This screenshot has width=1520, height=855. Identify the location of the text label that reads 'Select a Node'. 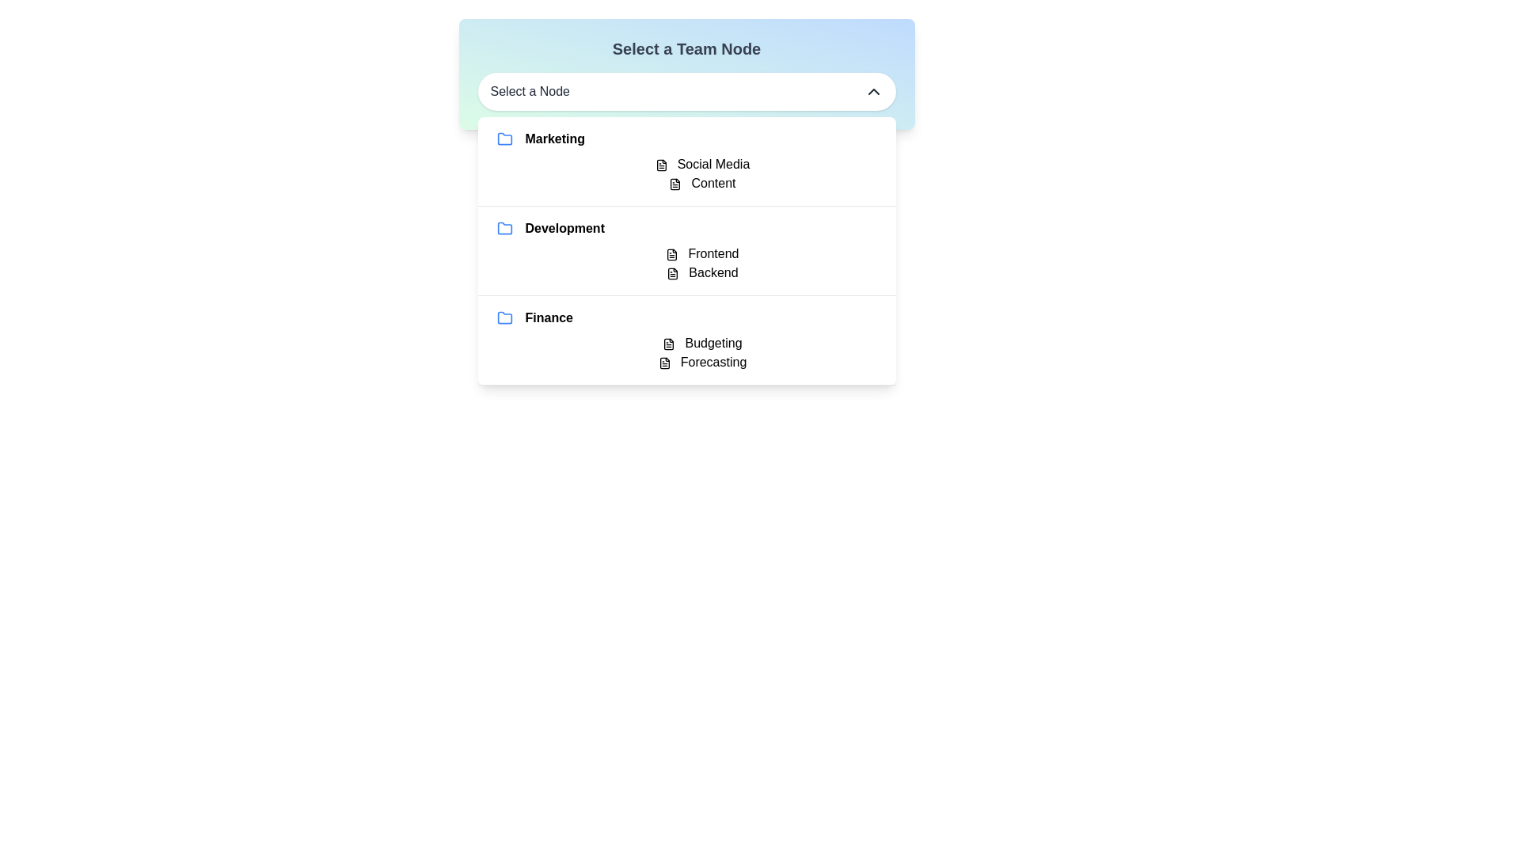
(530, 91).